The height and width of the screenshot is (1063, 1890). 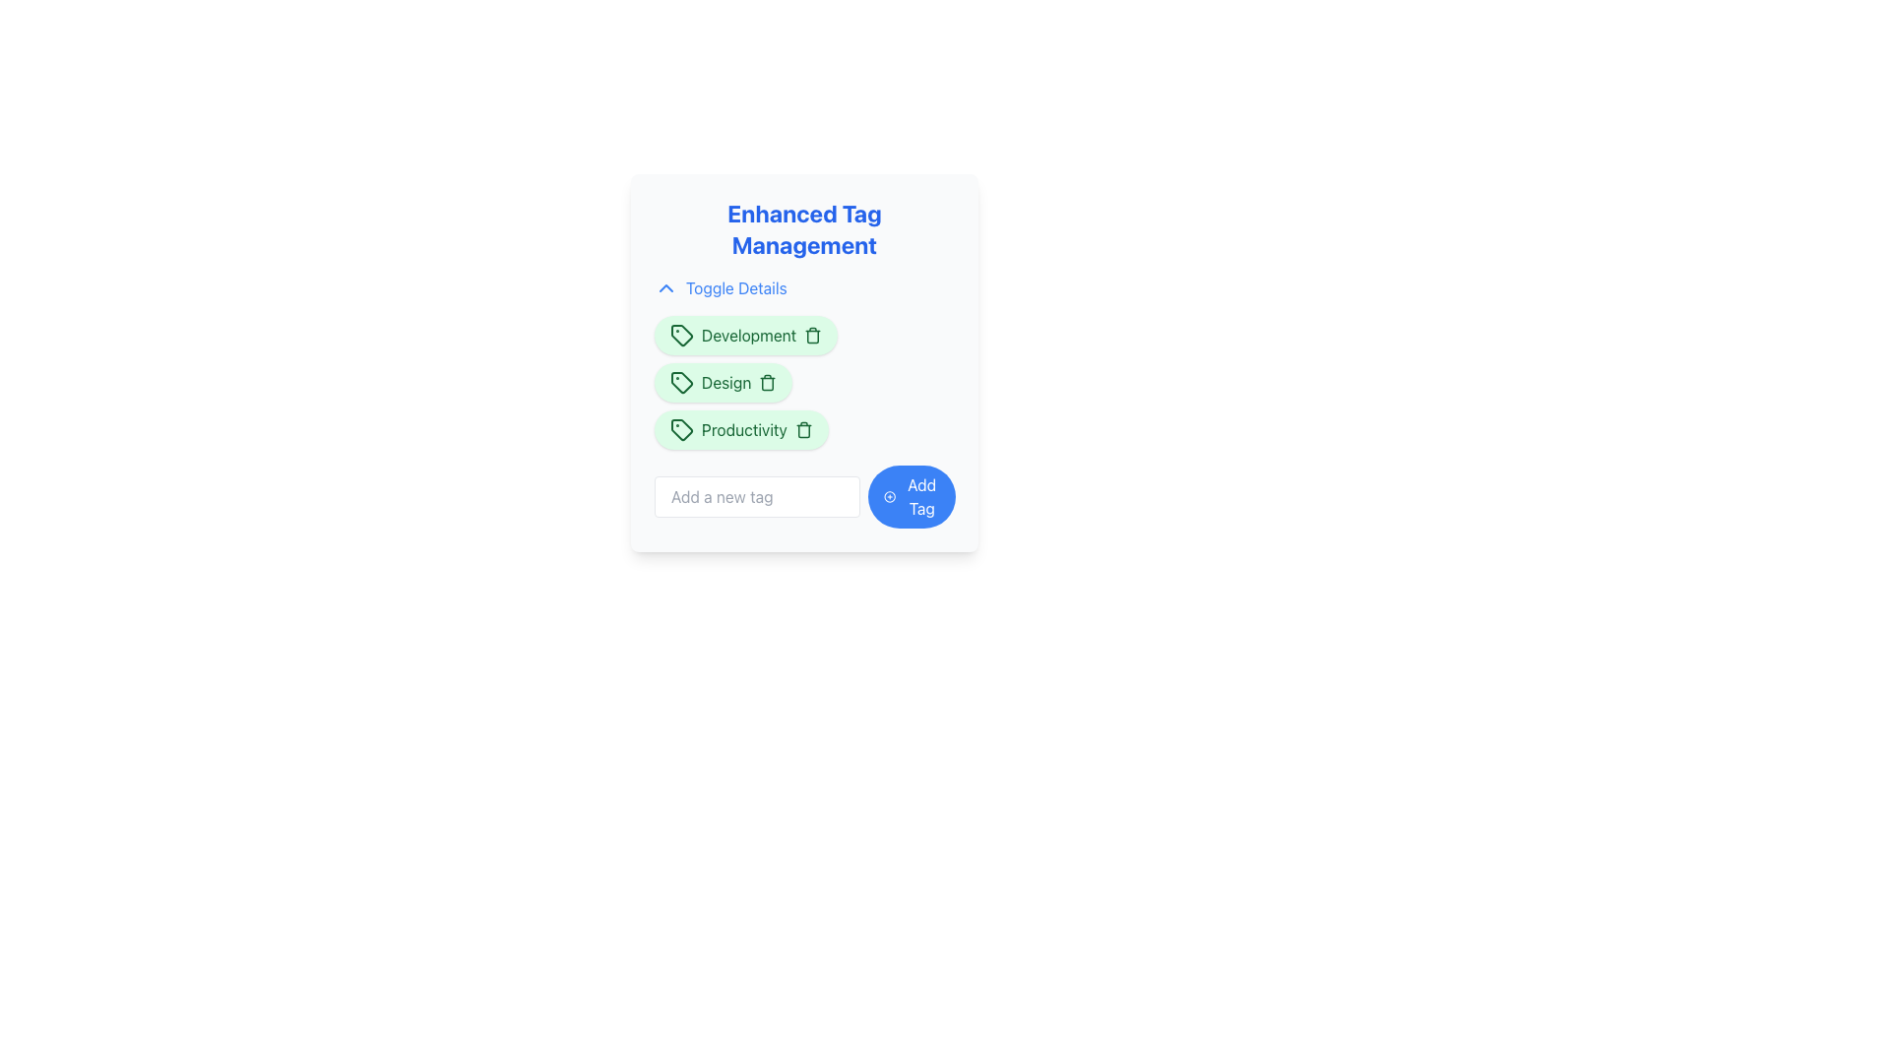 What do you see at coordinates (804, 420) in the screenshot?
I see `the green 'Productivity' tag label` at bounding box center [804, 420].